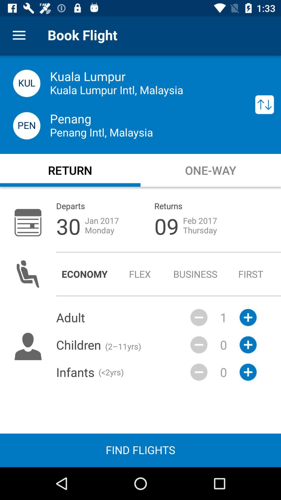 The height and width of the screenshot is (500, 281). Describe the element at coordinates (199, 317) in the screenshot. I see `the minus icon` at that location.